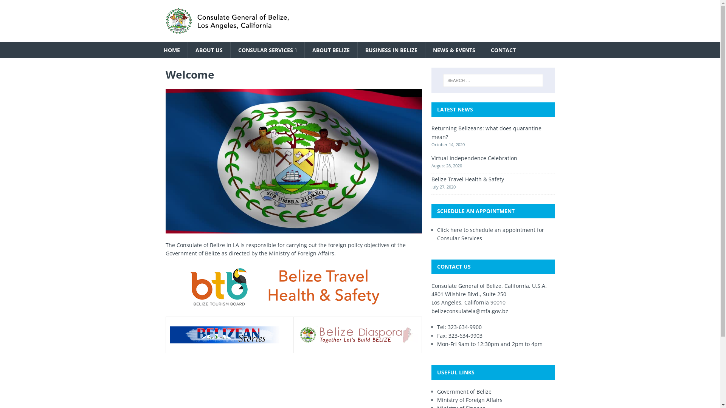 The height and width of the screenshot is (408, 726). What do you see at coordinates (330, 50) in the screenshot?
I see `'ABOUT BELIZE'` at bounding box center [330, 50].